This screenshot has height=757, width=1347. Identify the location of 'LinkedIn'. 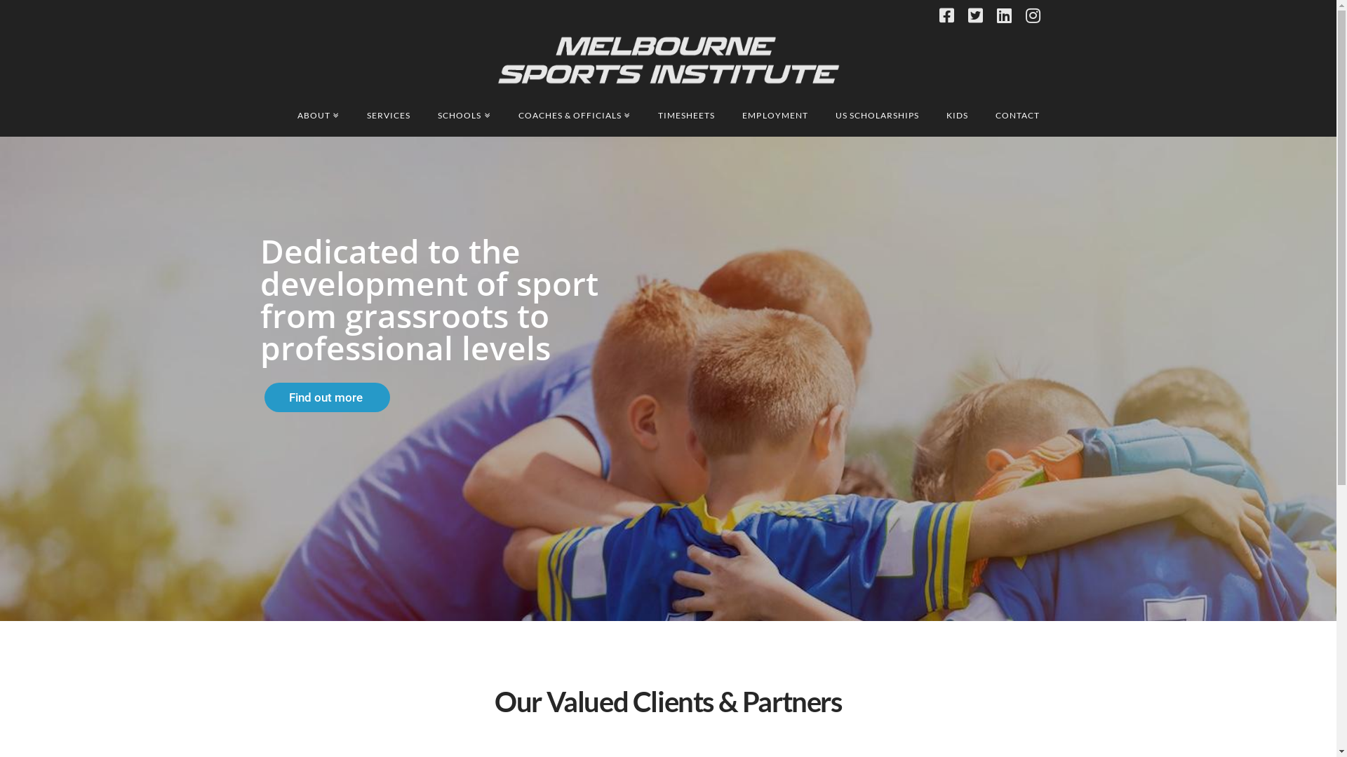
(1003, 15).